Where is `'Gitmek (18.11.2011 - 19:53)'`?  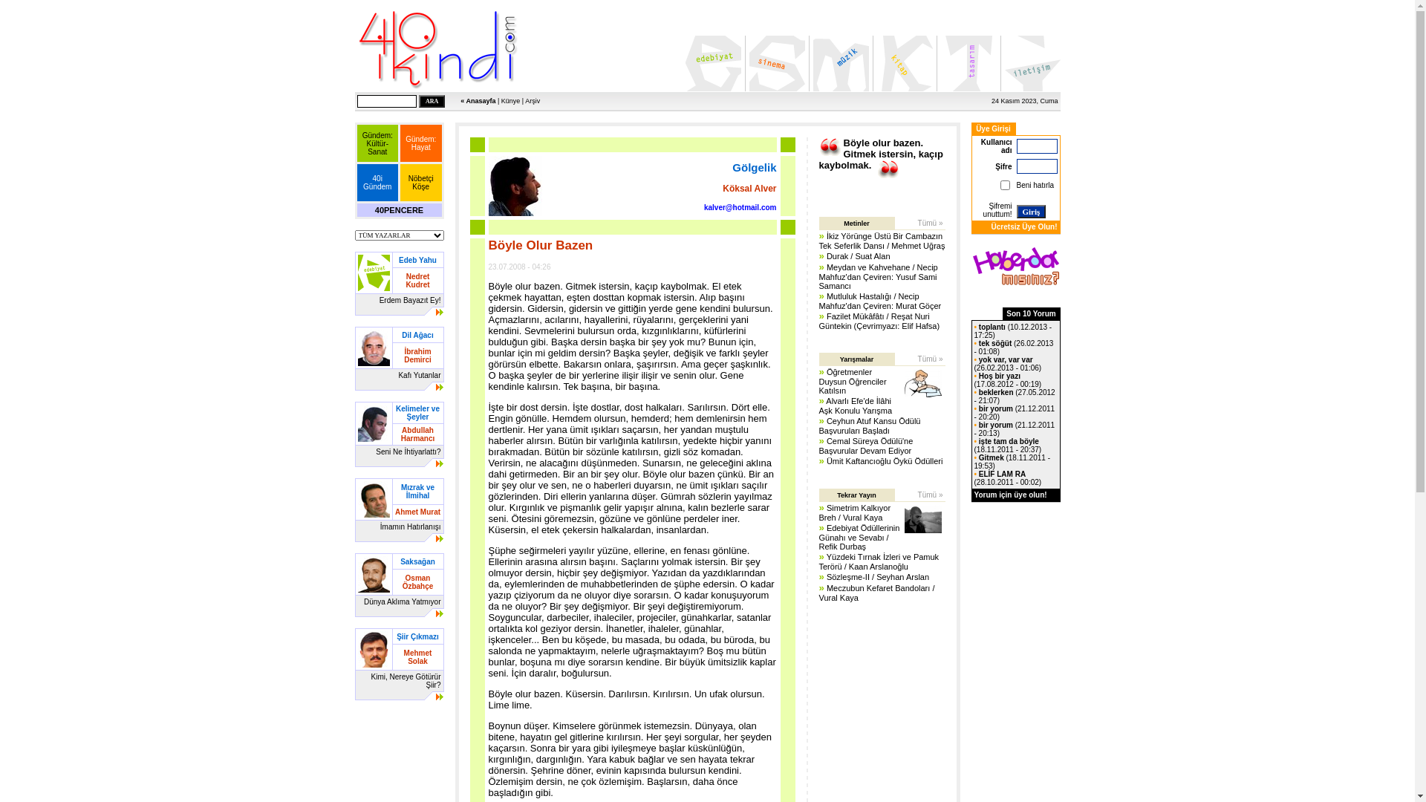 'Gitmek (18.11.2011 - 19:53)' is located at coordinates (1012, 460).